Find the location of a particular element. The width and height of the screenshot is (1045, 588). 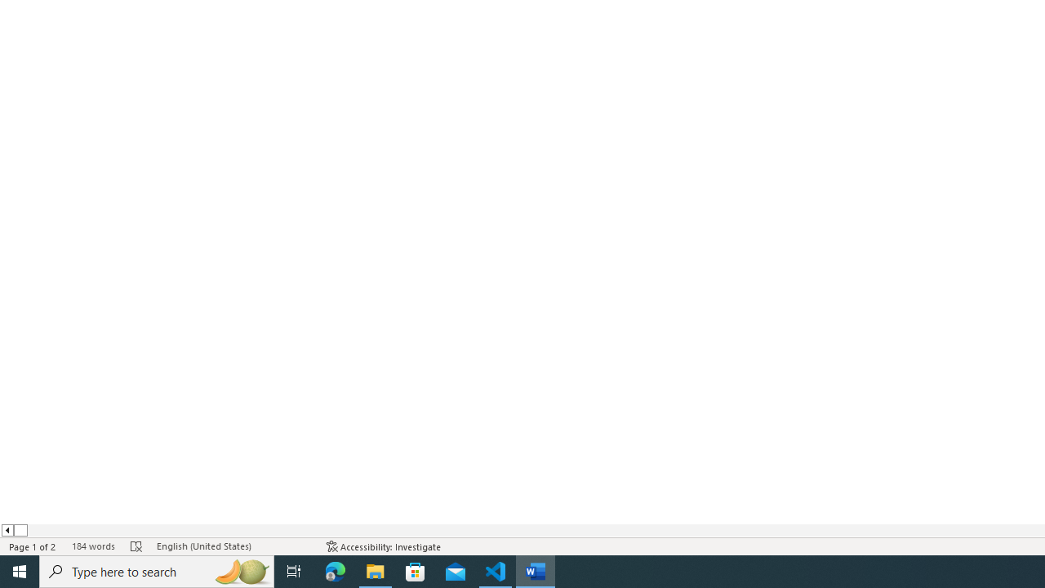

'Page Number Page 1 of 2' is located at coordinates (33, 546).